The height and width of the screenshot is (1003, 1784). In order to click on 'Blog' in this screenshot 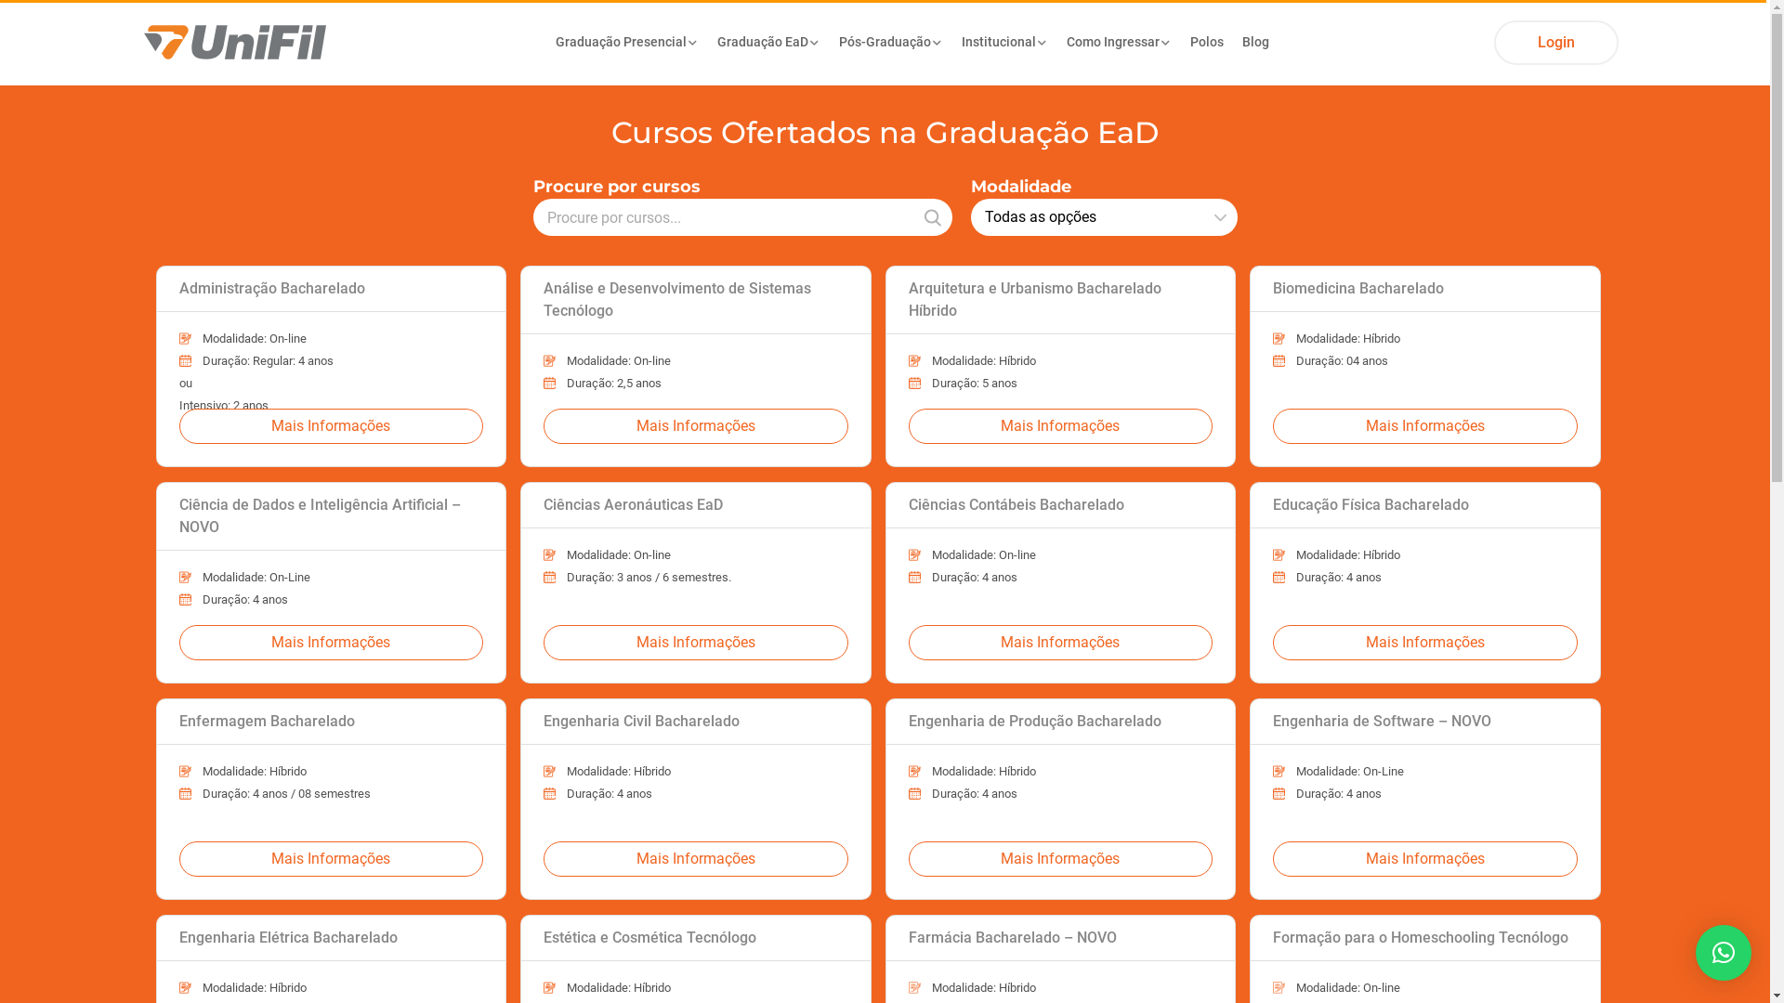, I will do `click(1242, 42)`.